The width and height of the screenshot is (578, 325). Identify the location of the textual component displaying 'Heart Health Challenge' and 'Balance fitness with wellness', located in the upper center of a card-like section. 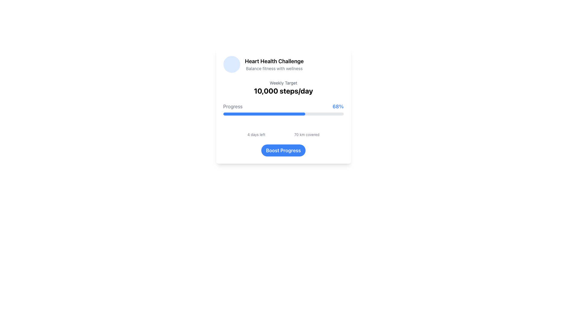
(274, 64).